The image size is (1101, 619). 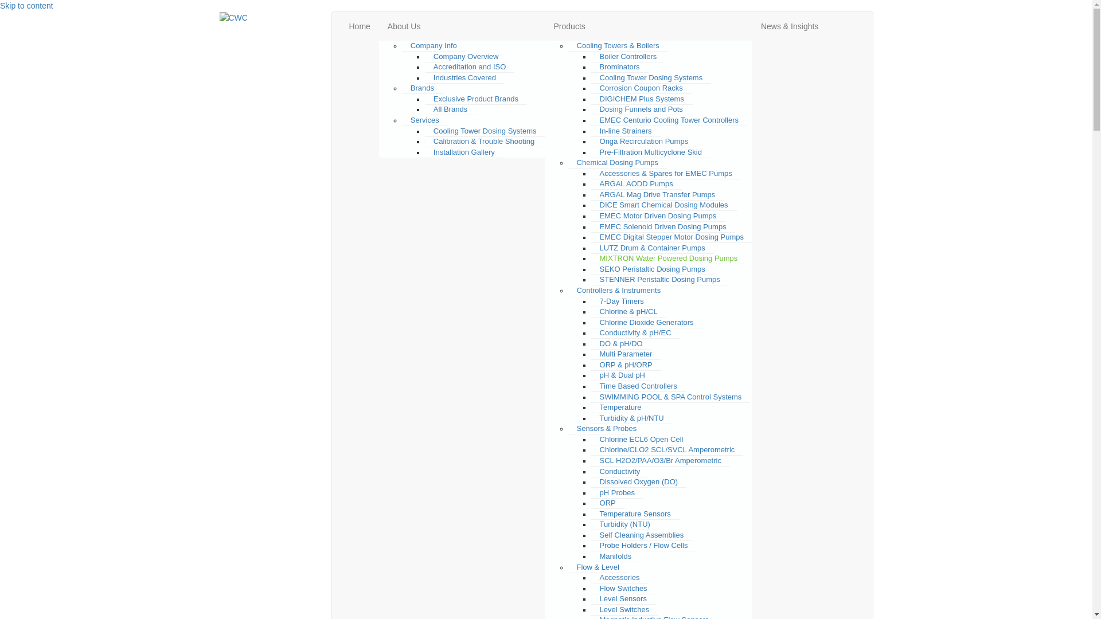 I want to click on 'Cooling Tower Dosing Systems', so click(x=485, y=130).